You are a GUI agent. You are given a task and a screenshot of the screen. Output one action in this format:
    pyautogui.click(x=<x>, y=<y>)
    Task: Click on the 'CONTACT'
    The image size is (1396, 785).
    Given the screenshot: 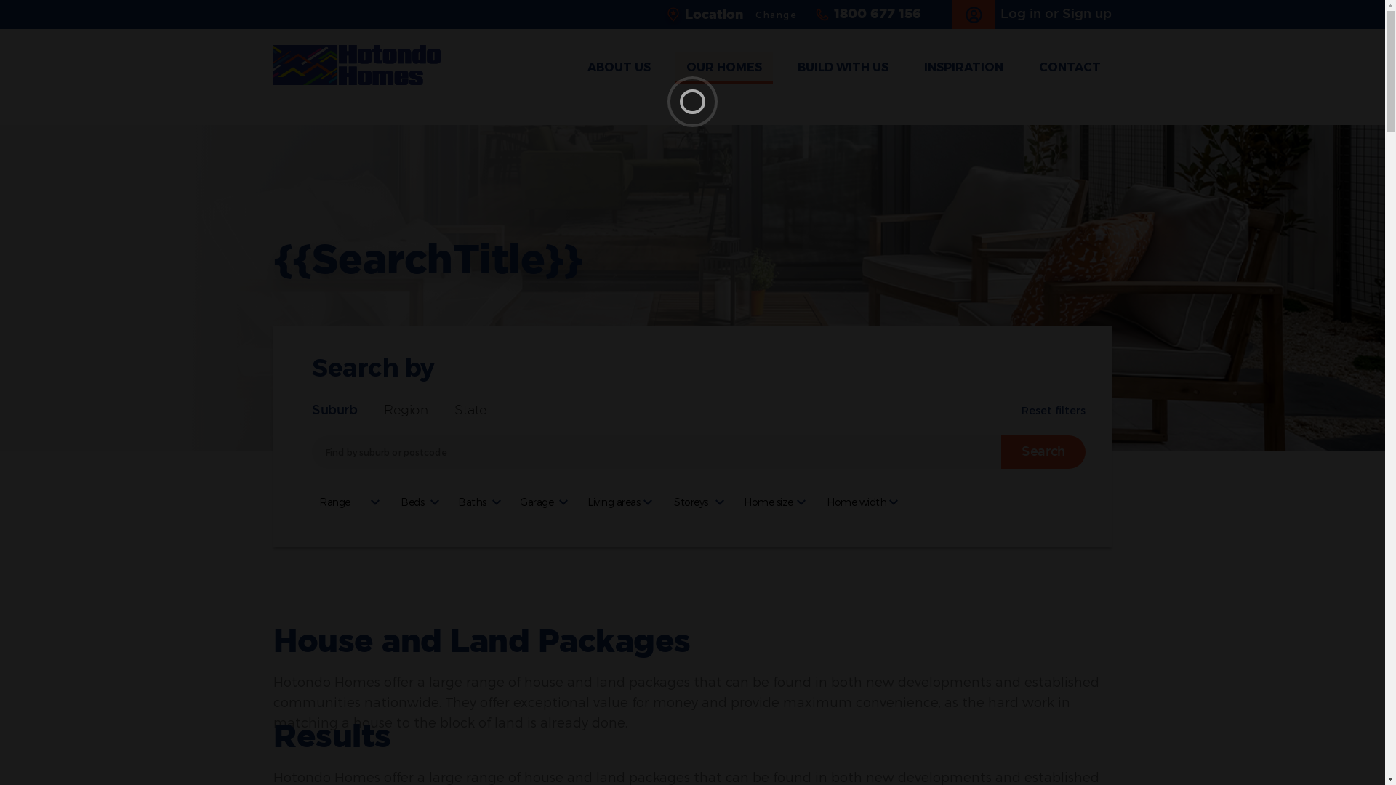 What is the action you would take?
    pyautogui.click(x=1070, y=68)
    